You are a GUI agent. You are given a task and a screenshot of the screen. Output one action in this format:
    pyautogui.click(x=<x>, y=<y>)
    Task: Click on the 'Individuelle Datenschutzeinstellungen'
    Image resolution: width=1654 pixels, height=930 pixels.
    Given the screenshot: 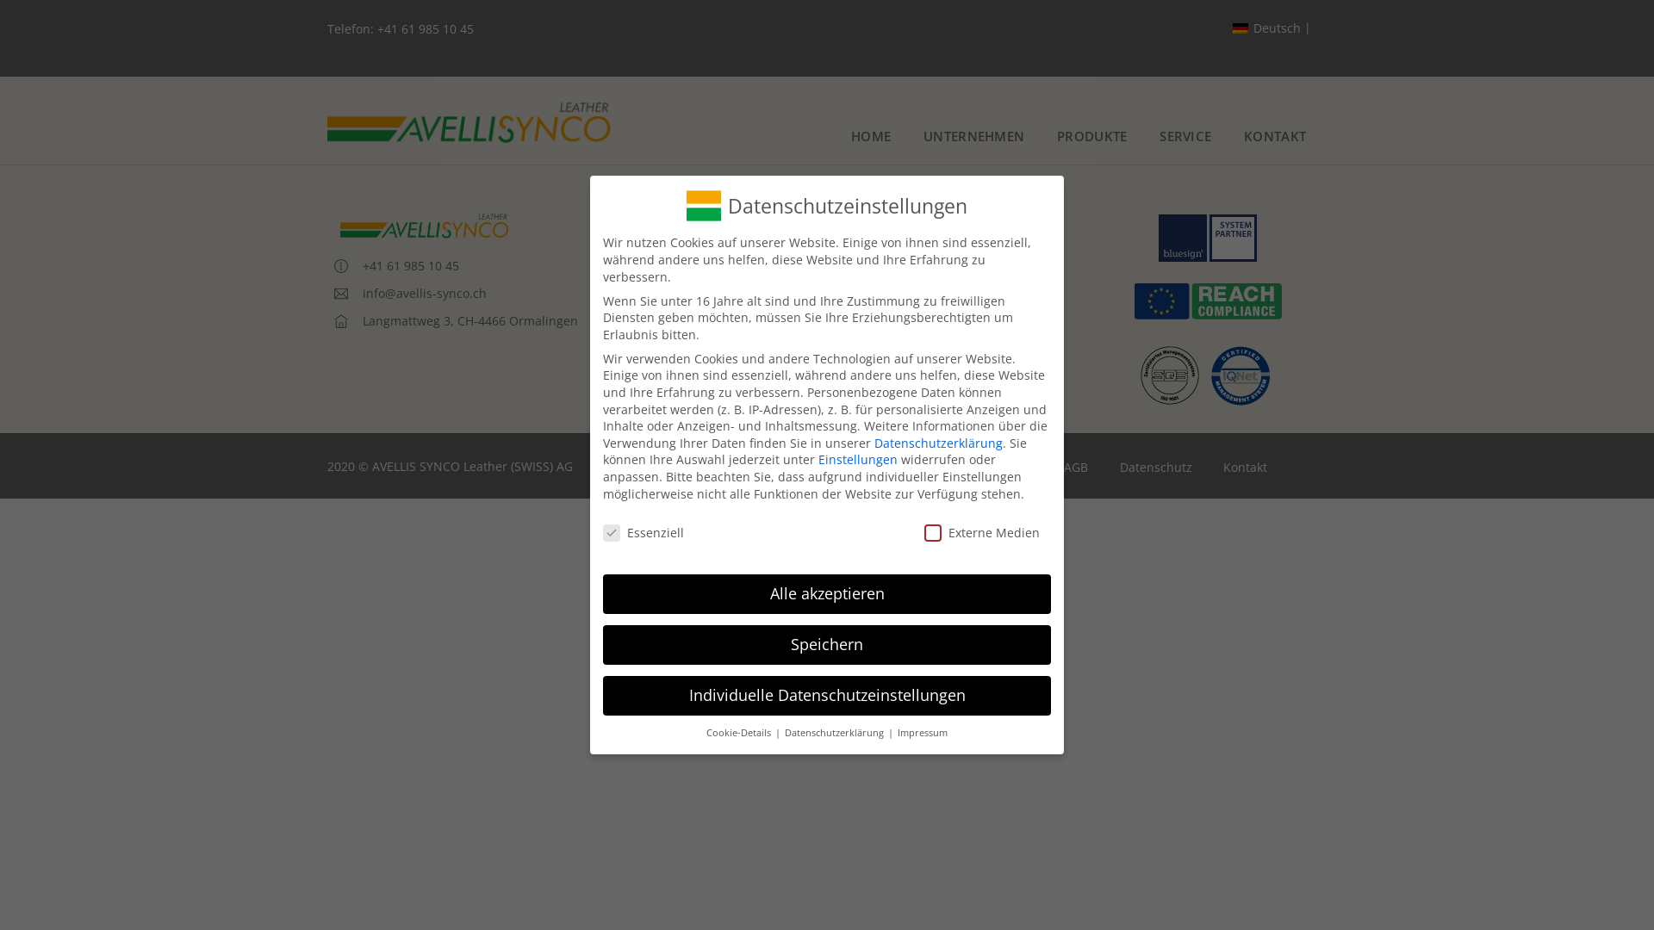 What is the action you would take?
    pyautogui.click(x=827, y=694)
    